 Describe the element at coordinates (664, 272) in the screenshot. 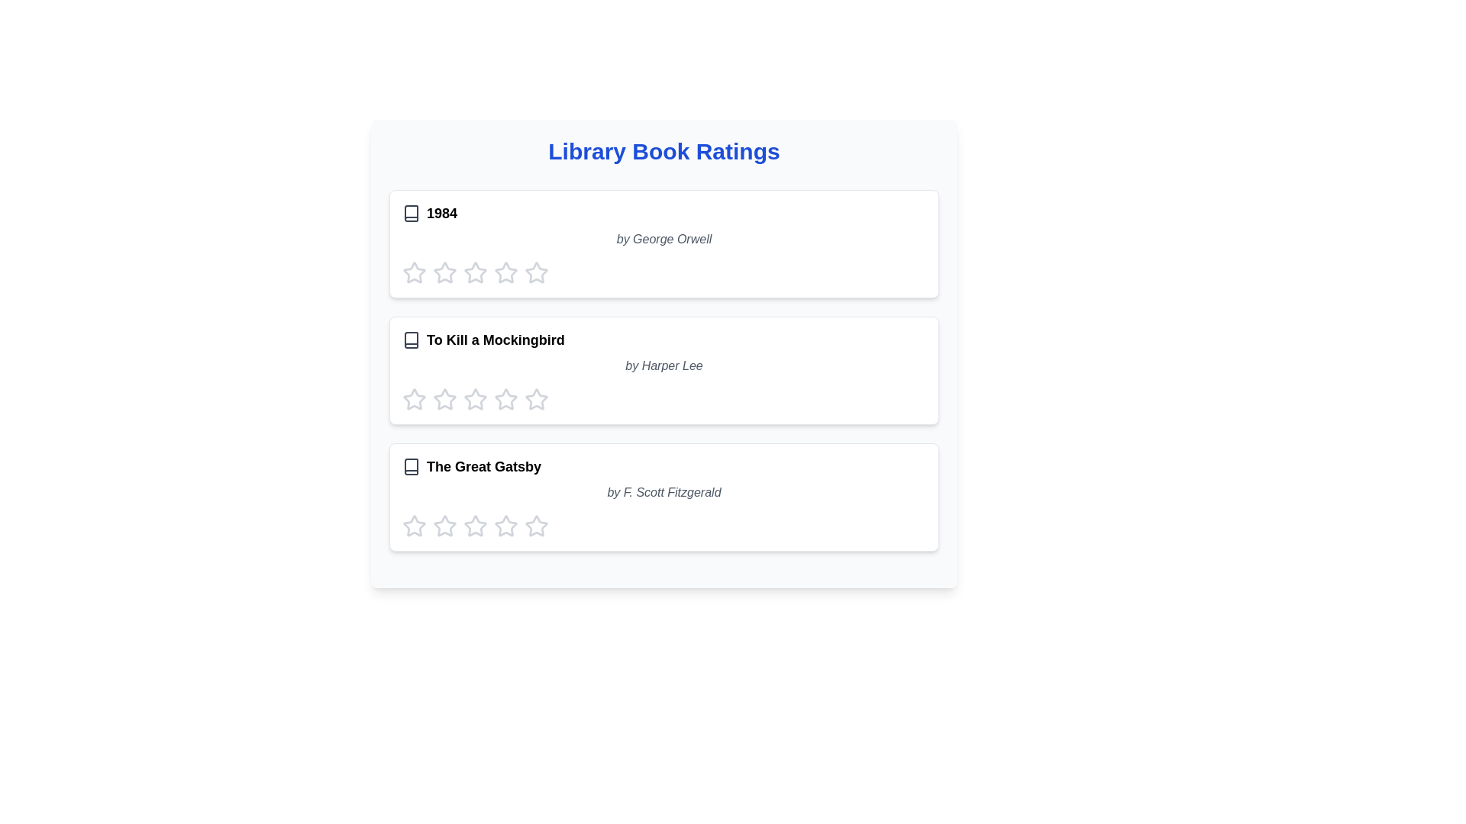

I see `the stars in the Rating component for the book '1984', which is located in the first card of the list` at that location.